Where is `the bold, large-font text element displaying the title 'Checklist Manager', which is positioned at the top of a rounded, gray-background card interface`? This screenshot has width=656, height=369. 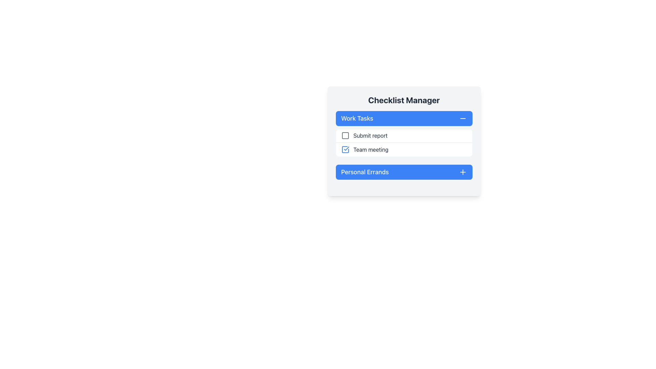 the bold, large-font text element displaying the title 'Checklist Manager', which is positioned at the top of a rounded, gray-background card interface is located at coordinates (404, 100).